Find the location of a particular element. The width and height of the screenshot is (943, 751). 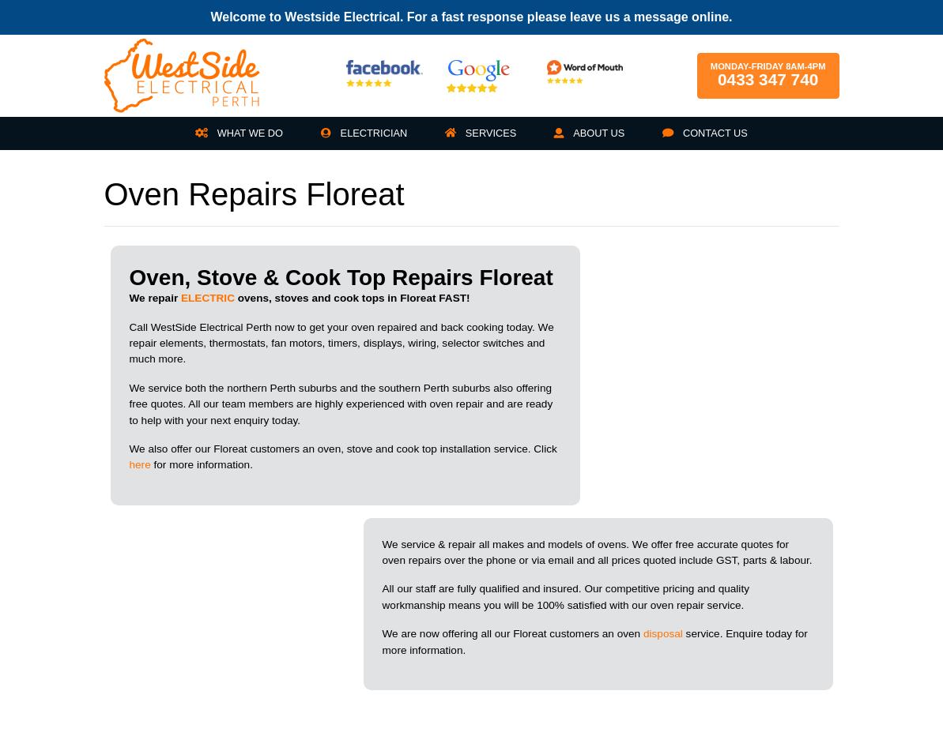

'Electrician' is located at coordinates (372, 133).